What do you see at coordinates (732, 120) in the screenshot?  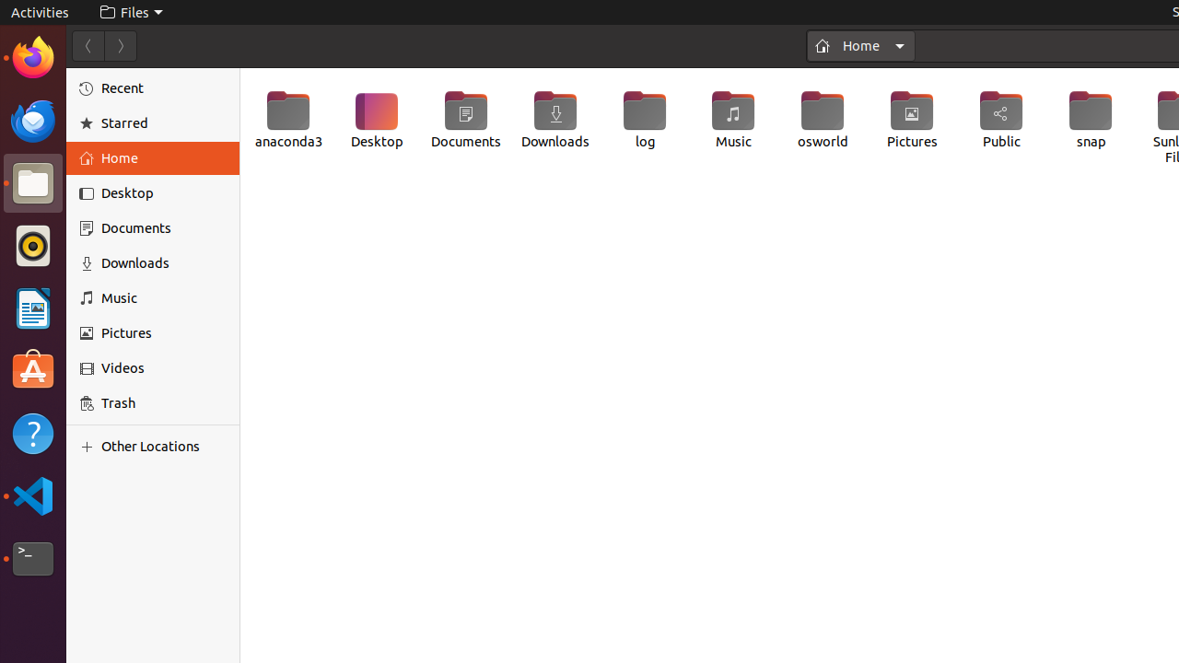 I see `'Music'` at bounding box center [732, 120].